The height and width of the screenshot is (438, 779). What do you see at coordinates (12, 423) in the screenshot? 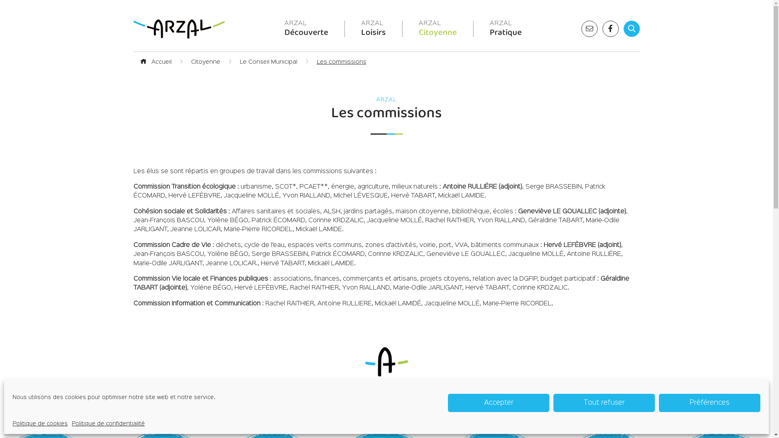
I see `'Politique de cookies'` at bounding box center [12, 423].